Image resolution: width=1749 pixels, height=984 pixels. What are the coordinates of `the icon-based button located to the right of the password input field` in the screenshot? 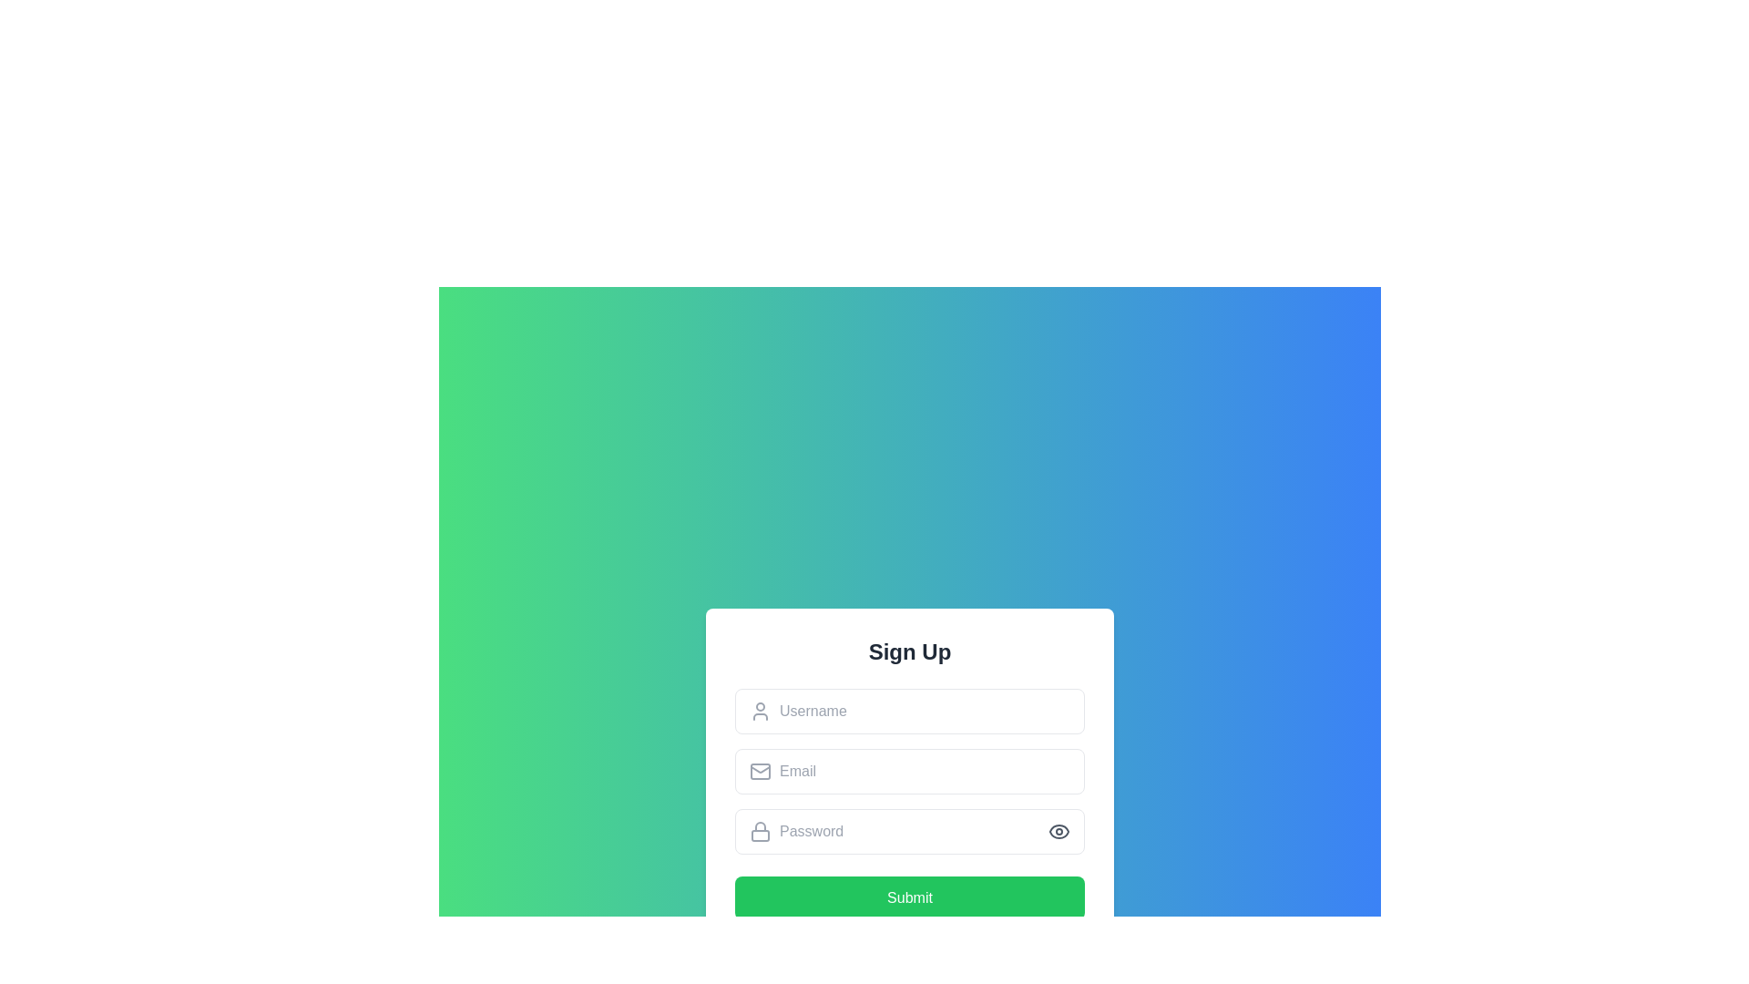 It's located at (1059, 832).